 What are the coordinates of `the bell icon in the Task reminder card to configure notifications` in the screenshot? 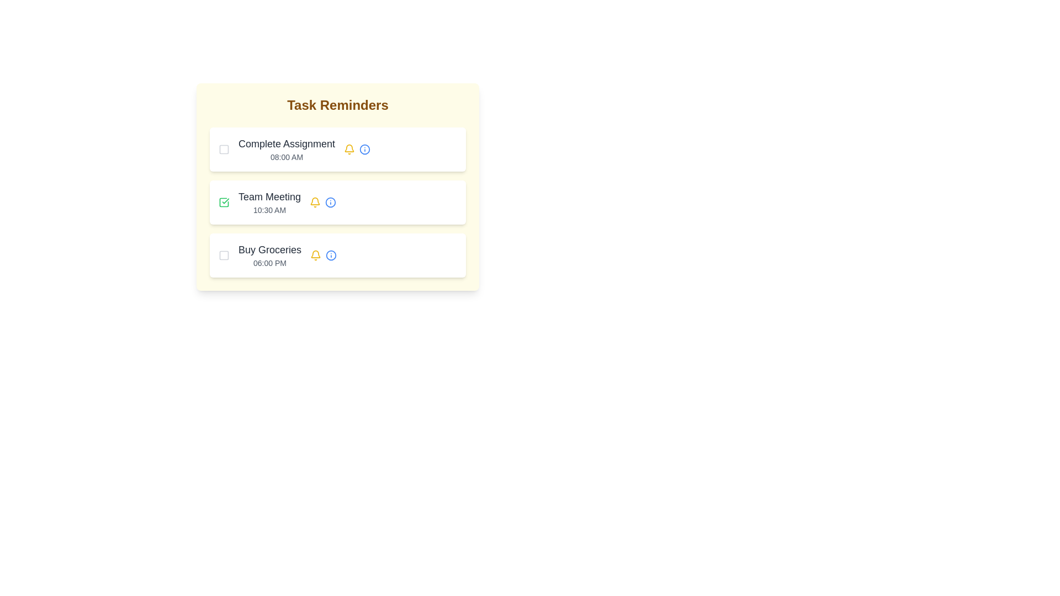 It's located at (337, 149).